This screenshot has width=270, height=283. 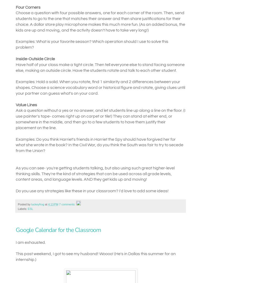 I want to click on 'luckeyfrog', so click(x=38, y=204).